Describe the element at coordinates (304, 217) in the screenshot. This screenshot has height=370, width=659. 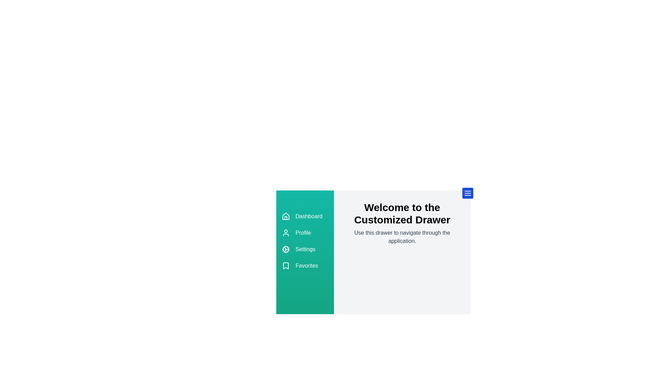
I see `the 'Dashboard' option in the drawer menu` at that location.